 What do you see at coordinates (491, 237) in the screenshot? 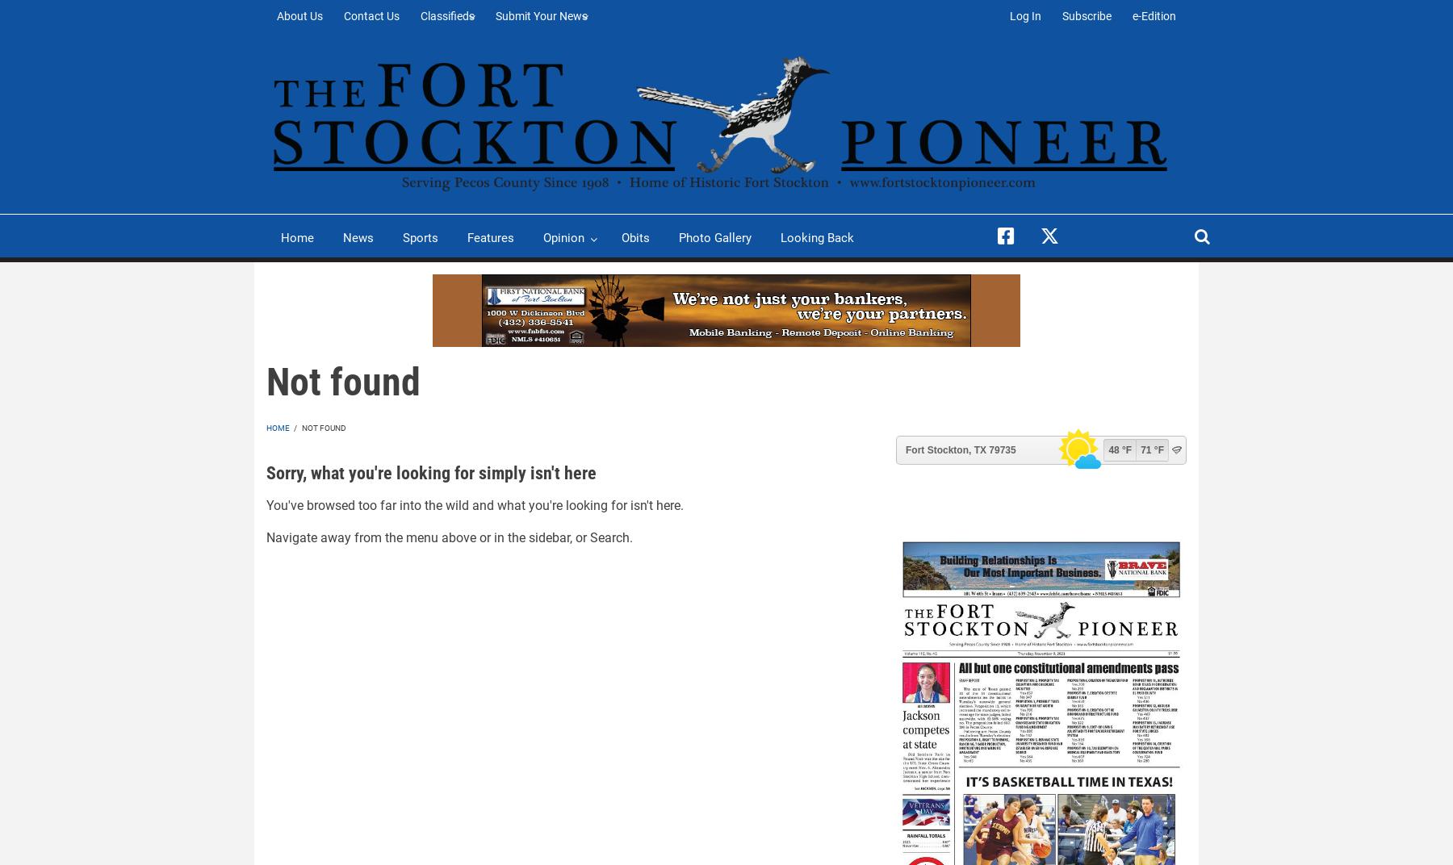
I see `'Features'` at bounding box center [491, 237].